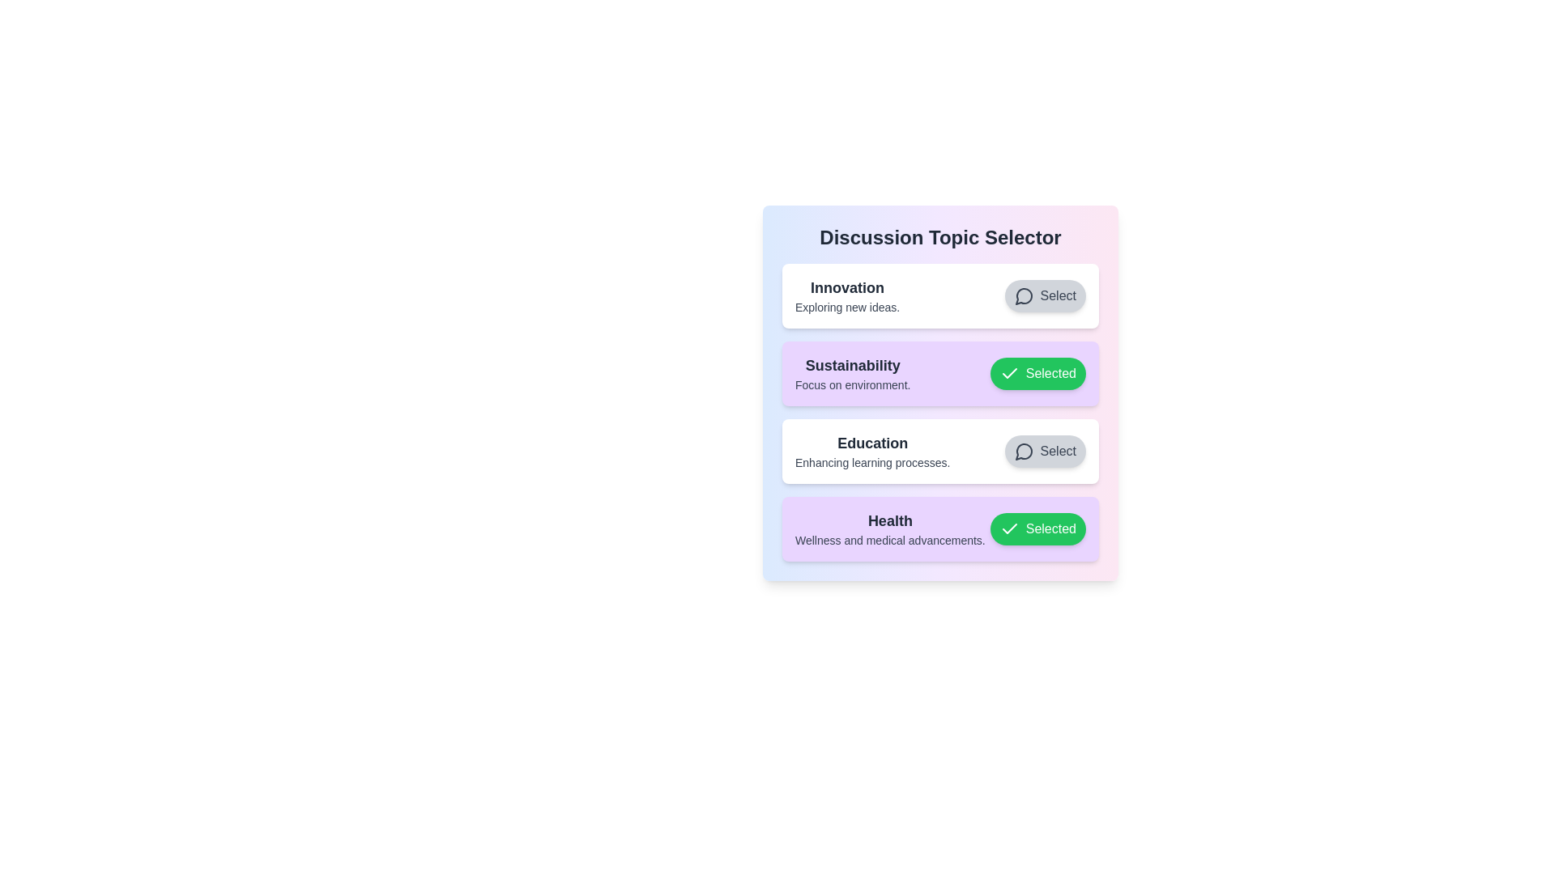 Image resolution: width=1555 pixels, height=874 pixels. Describe the element at coordinates (1037, 529) in the screenshot. I see `the topic Health` at that location.